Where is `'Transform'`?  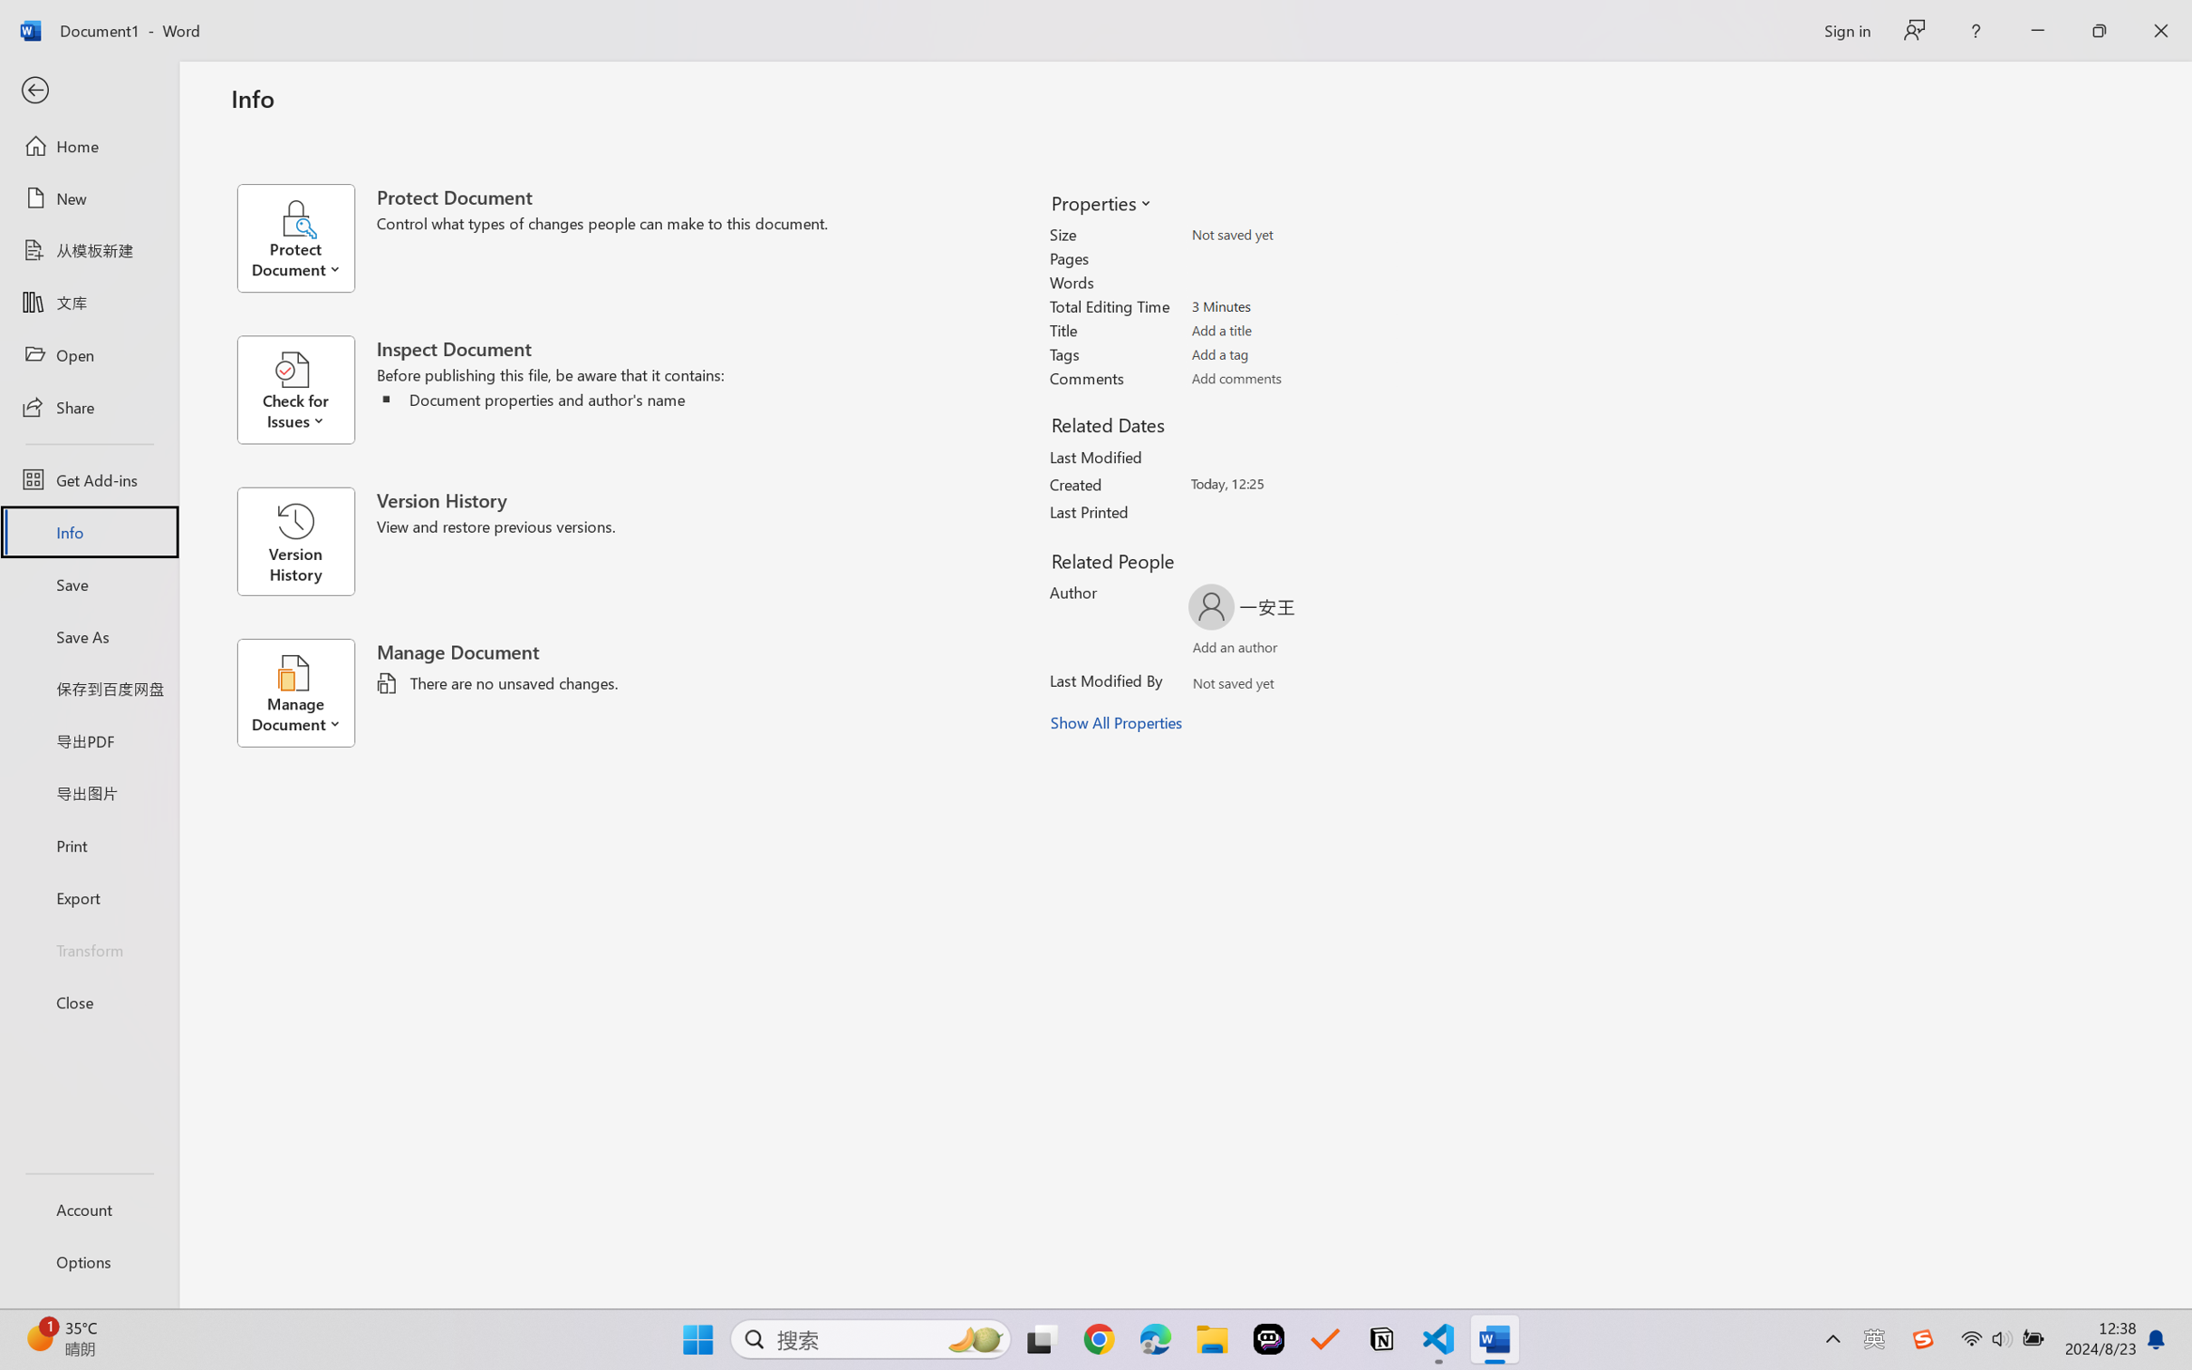
'Transform' is located at coordinates (88, 948).